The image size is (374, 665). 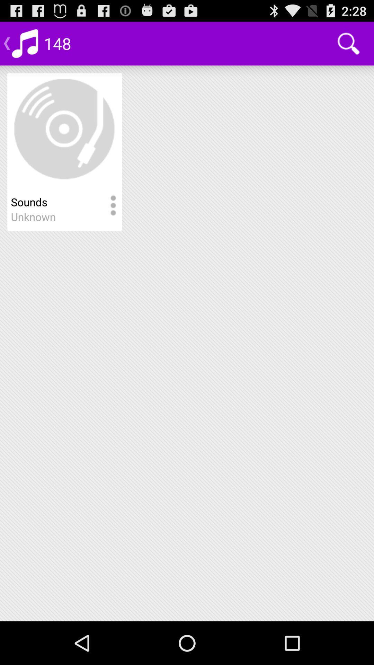 I want to click on app next to sounds, so click(x=113, y=205).